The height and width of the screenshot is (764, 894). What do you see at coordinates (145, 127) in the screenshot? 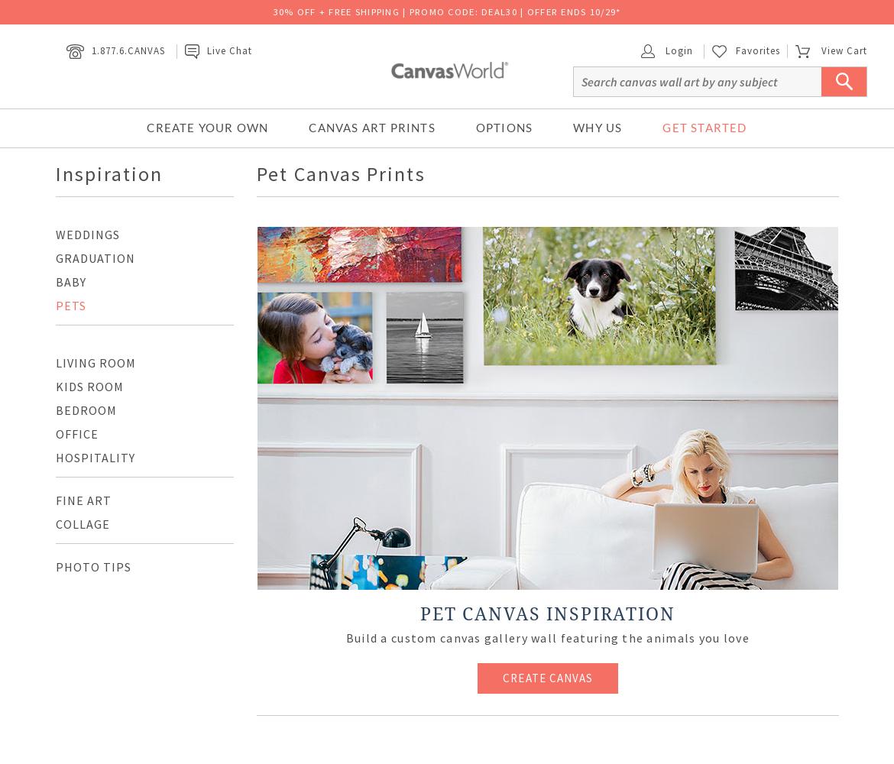
I see `'Create Your Own'` at bounding box center [145, 127].